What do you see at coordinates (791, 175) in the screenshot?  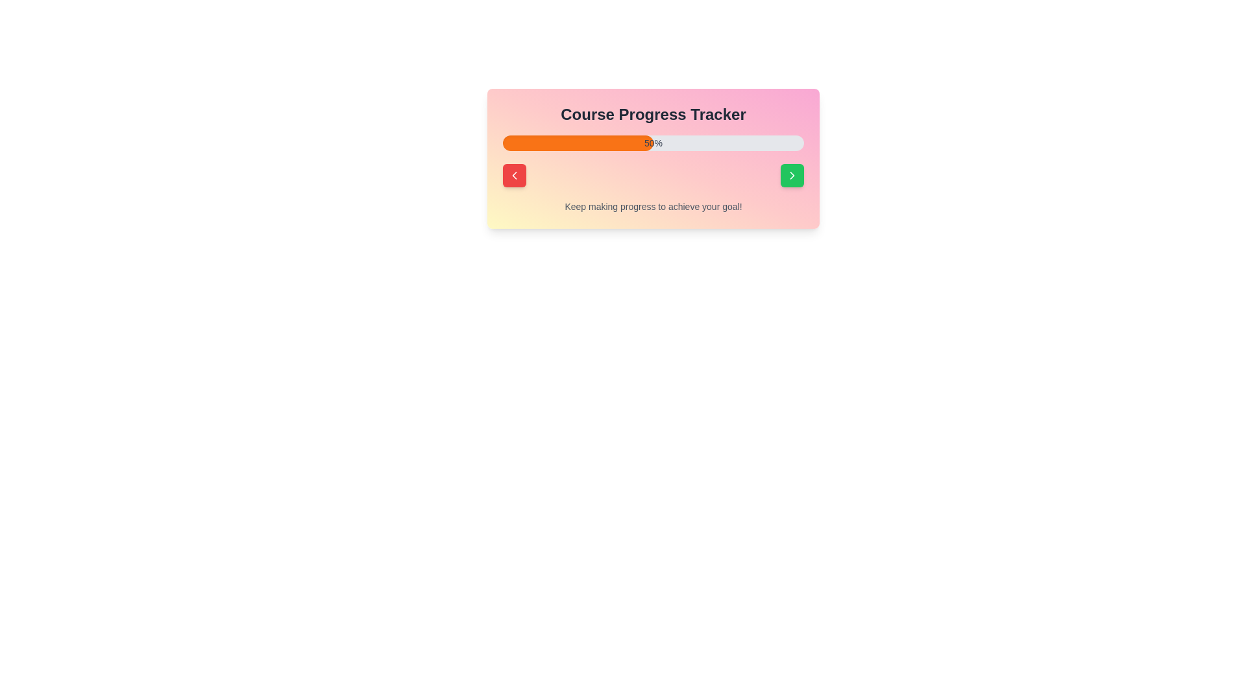 I see `the green button with rounded corners and a white chevron arrow located at the far-right end of the interface` at bounding box center [791, 175].